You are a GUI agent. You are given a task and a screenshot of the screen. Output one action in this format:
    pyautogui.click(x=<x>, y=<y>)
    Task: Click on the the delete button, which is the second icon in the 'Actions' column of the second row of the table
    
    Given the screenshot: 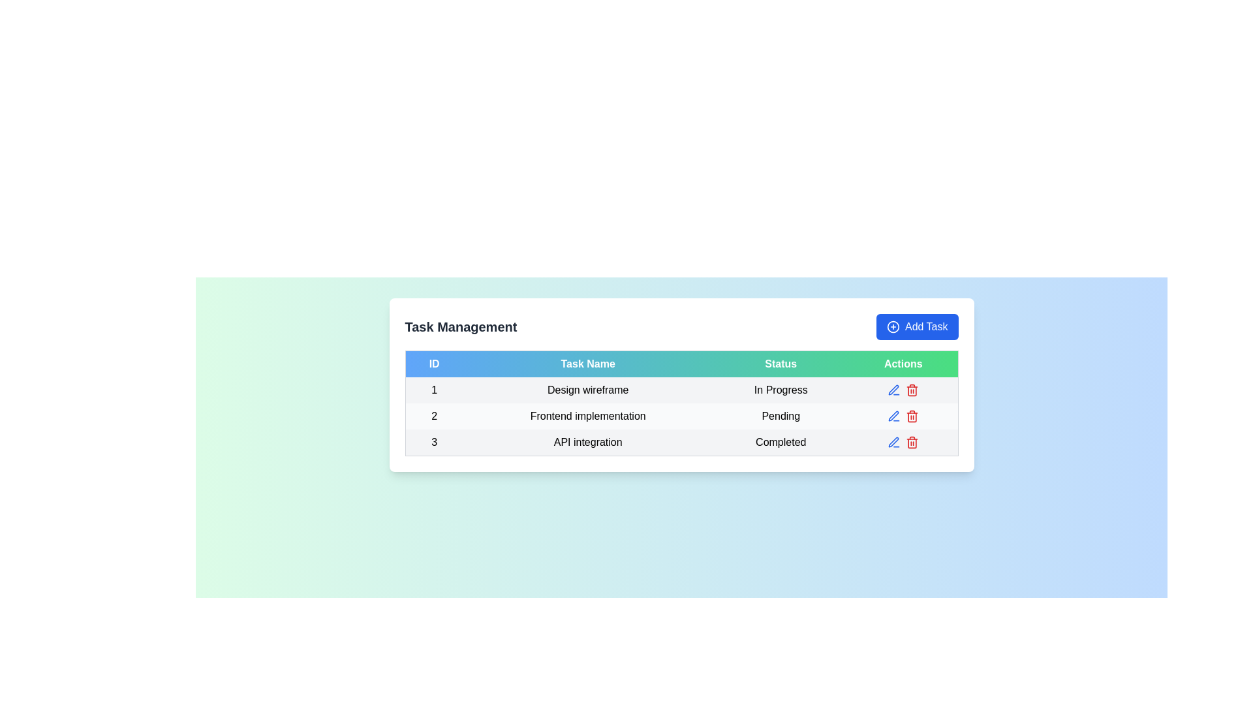 What is the action you would take?
    pyautogui.click(x=912, y=416)
    